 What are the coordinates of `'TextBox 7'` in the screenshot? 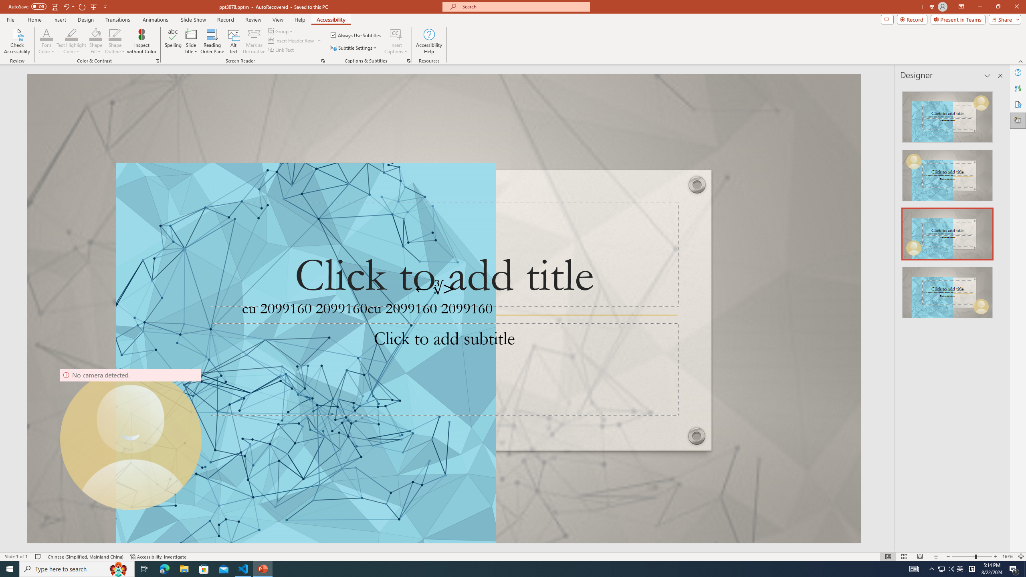 It's located at (435, 288).